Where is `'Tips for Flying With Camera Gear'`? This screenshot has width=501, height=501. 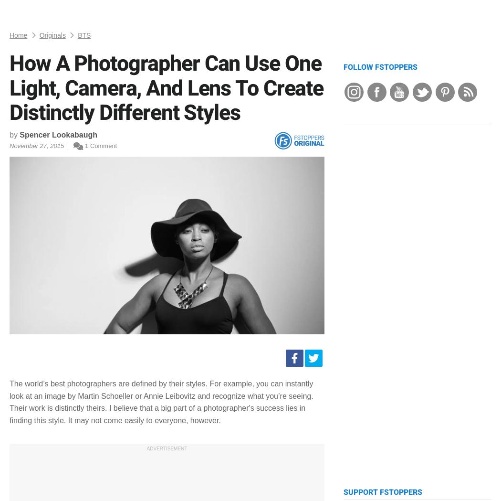
'Tips for Flying With Camera Gear' is located at coordinates (442, 138).